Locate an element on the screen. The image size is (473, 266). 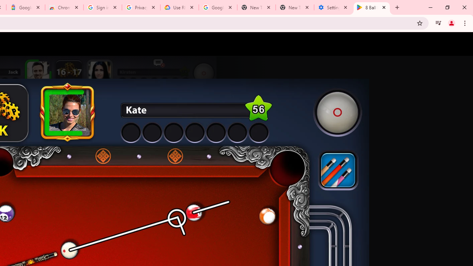
'Settings - System' is located at coordinates (333, 7).